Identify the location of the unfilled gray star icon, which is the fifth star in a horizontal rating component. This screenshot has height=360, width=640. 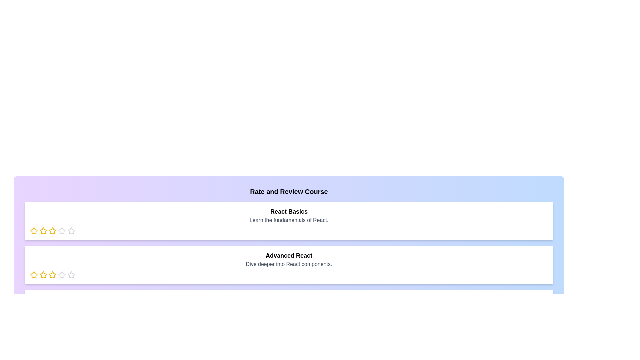
(71, 231).